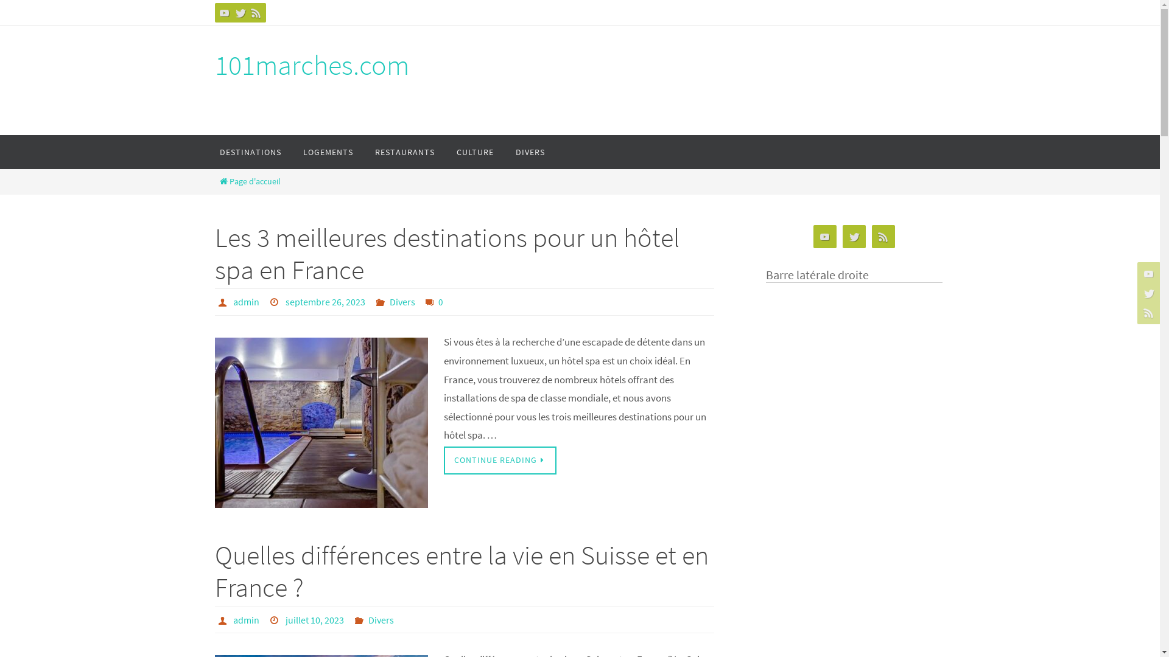 The height and width of the screenshot is (657, 1169). Describe the element at coordinates (367, 620) in the screenshot. I see `'Divers'` at that location.